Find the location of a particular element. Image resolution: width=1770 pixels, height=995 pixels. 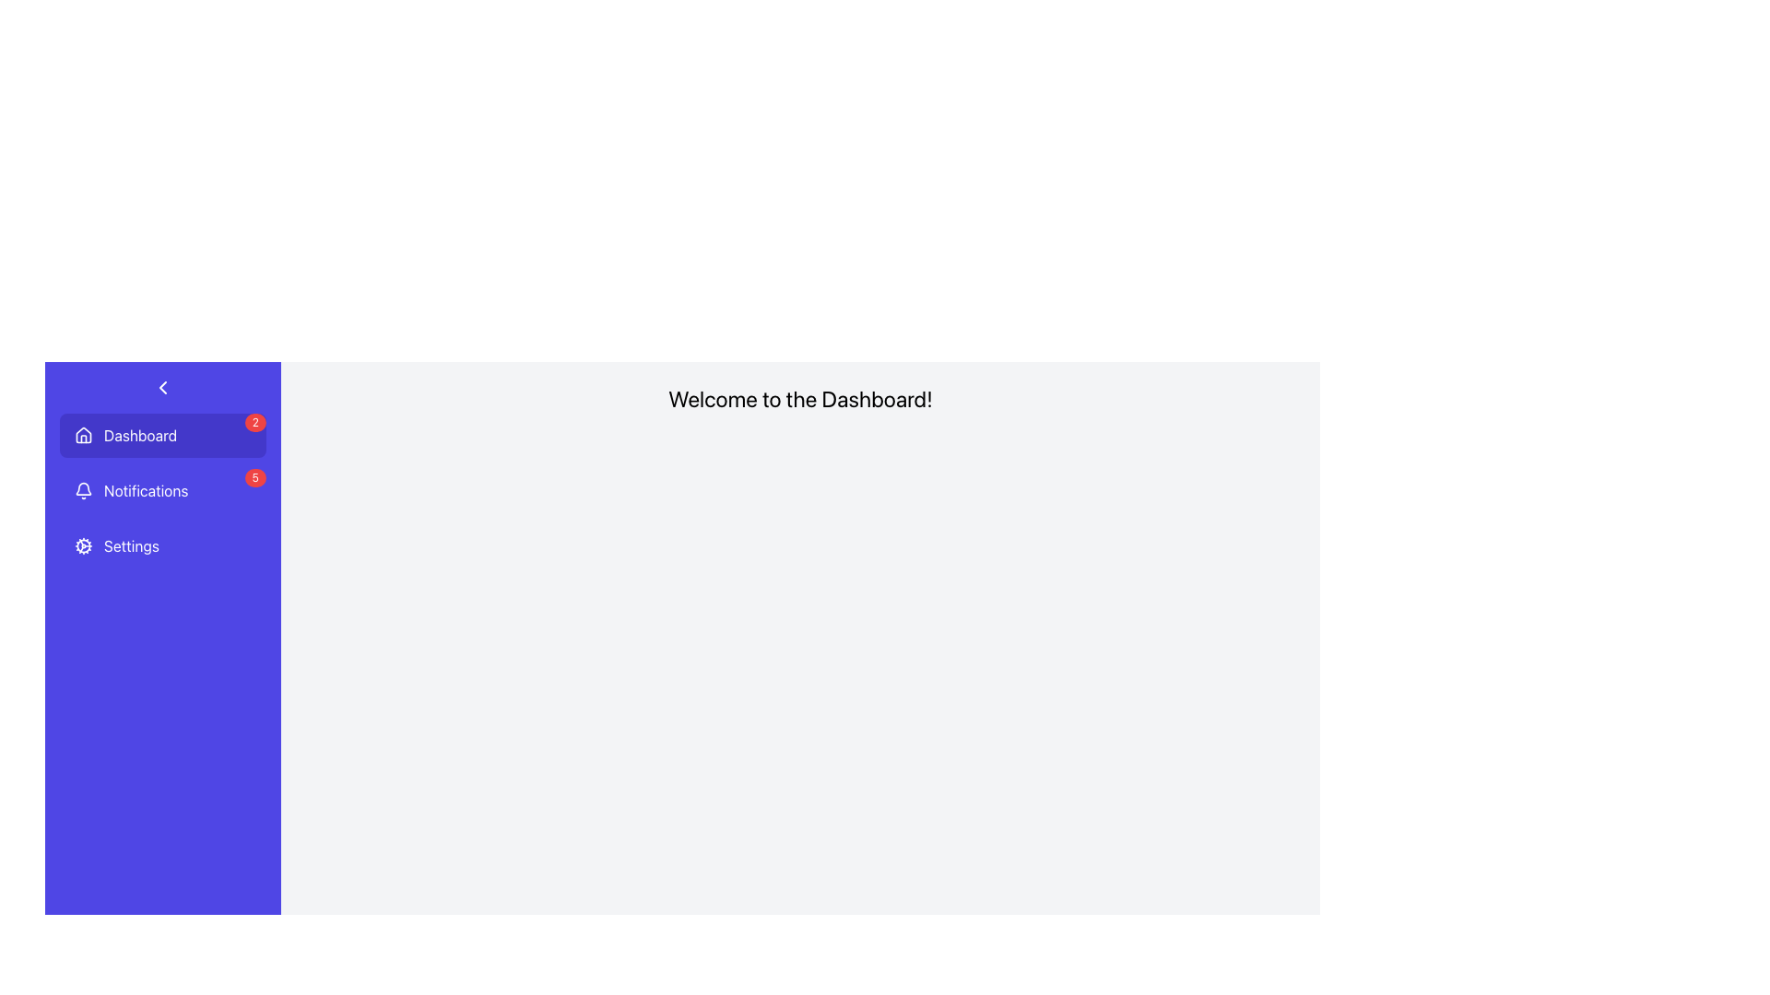

displayed badge number for notification count on the second list item in the sidebar, which serves as a navigation link for notifications is located at coordinates (163, 489).